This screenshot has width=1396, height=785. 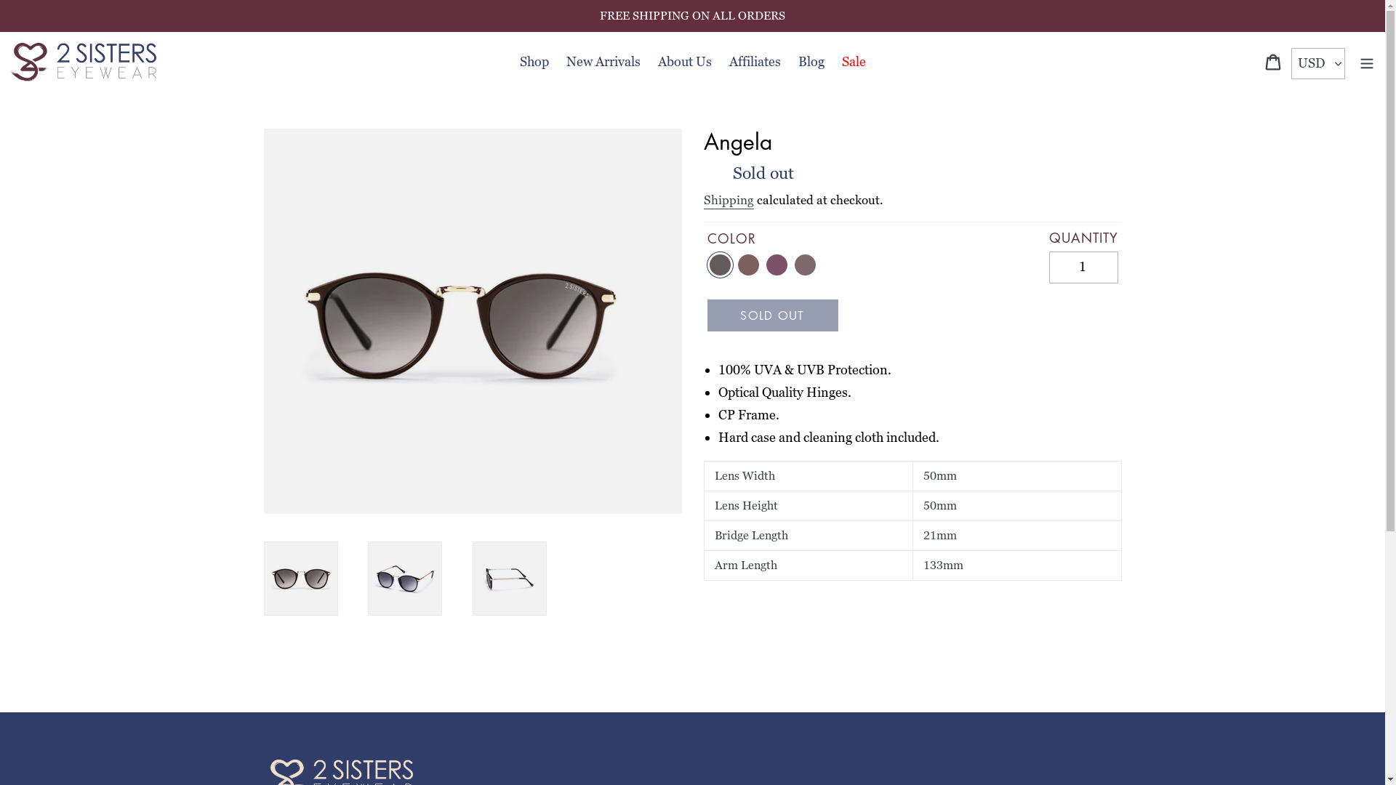 What do you see at coordinates (533, 61) in the screenshot?
I see `'Shop'` at bounding box center [533, 61].